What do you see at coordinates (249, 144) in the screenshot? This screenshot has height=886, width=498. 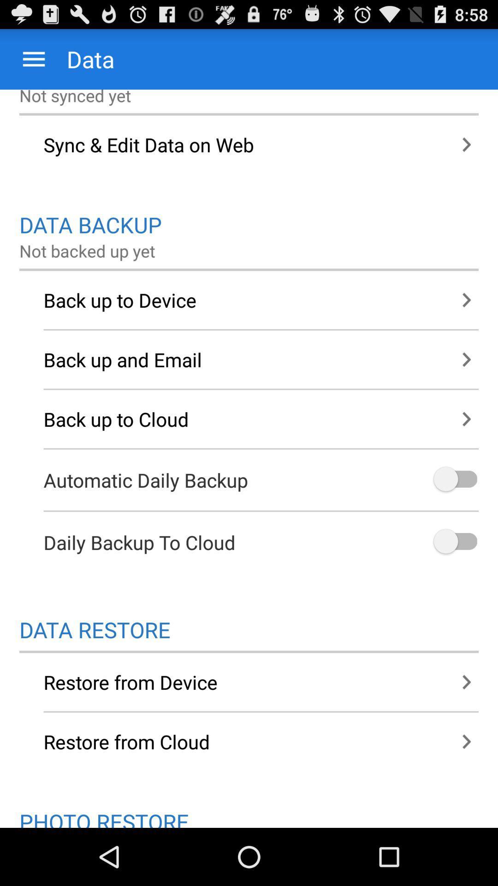 I see `the sync edit data` at bounding box center [249, 144].